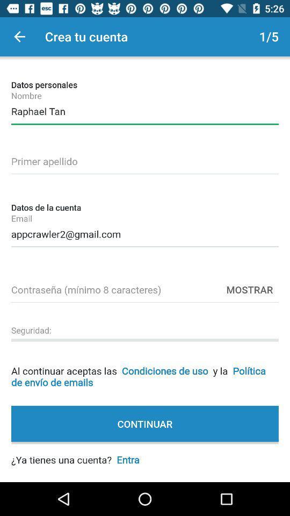  What do you see at coordinates (145, 159) in the screenshot?
I see `the icon below raphael tan` at bounding box center [145, 159].